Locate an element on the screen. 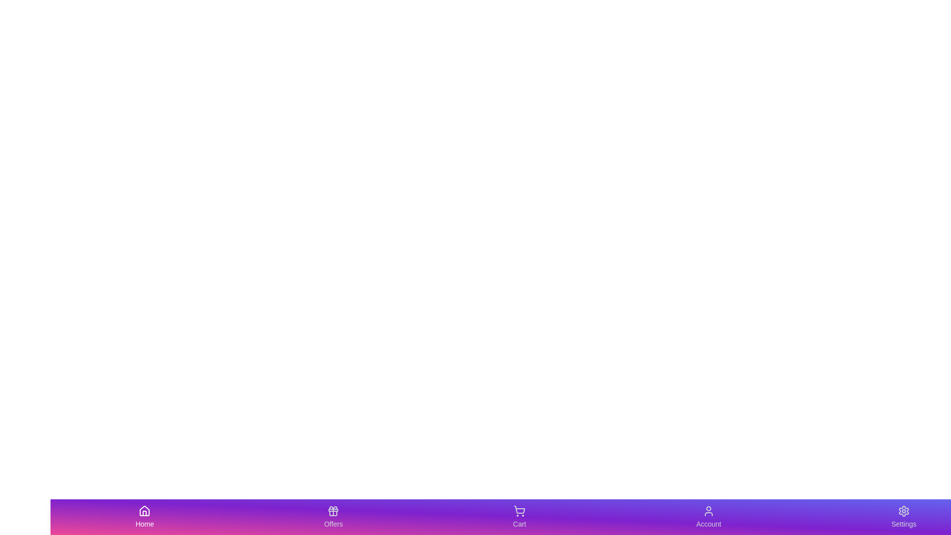 This screenshot has width=951, height=535. the tab labeled Offers is located at coordinates (333, 517).